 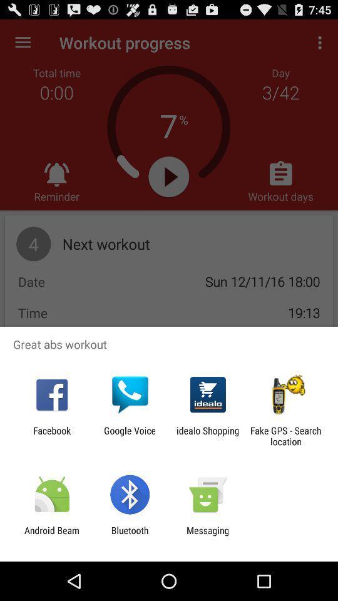 I want to click on the google voice, so click(x=129, y=436).